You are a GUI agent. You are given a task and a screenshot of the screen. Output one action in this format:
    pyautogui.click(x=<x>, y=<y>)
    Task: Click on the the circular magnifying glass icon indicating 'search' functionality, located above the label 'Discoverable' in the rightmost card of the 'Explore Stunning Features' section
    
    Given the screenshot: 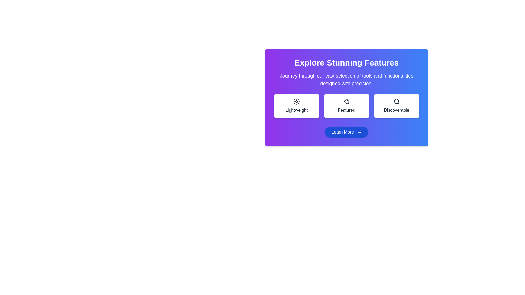 What is the action you would take?
    pyautogui.click(x=396, y=101)
    